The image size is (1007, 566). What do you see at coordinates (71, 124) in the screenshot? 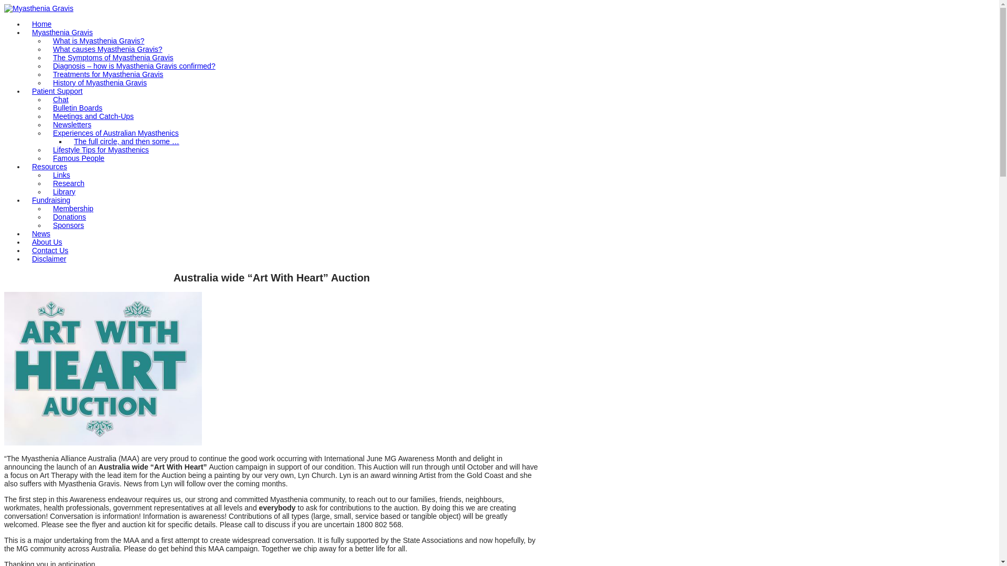
I see `'Newsletters'` at bounding box center [71, 124].